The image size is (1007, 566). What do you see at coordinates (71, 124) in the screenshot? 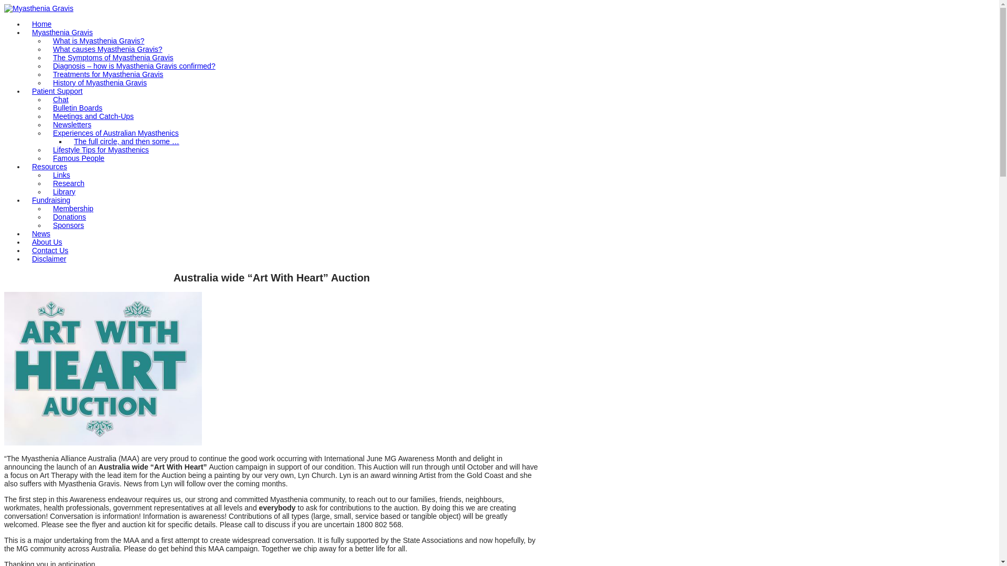
I see `'Newsletters'` at bounding box center [71, 124].